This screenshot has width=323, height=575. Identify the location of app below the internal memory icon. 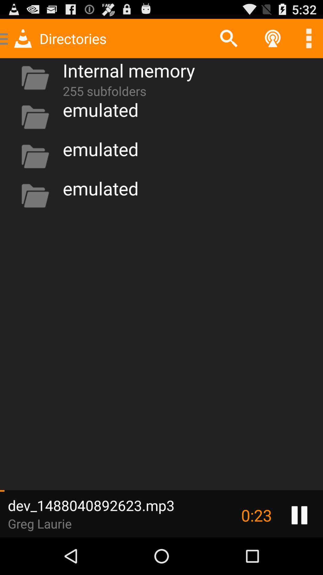
(104, 90).